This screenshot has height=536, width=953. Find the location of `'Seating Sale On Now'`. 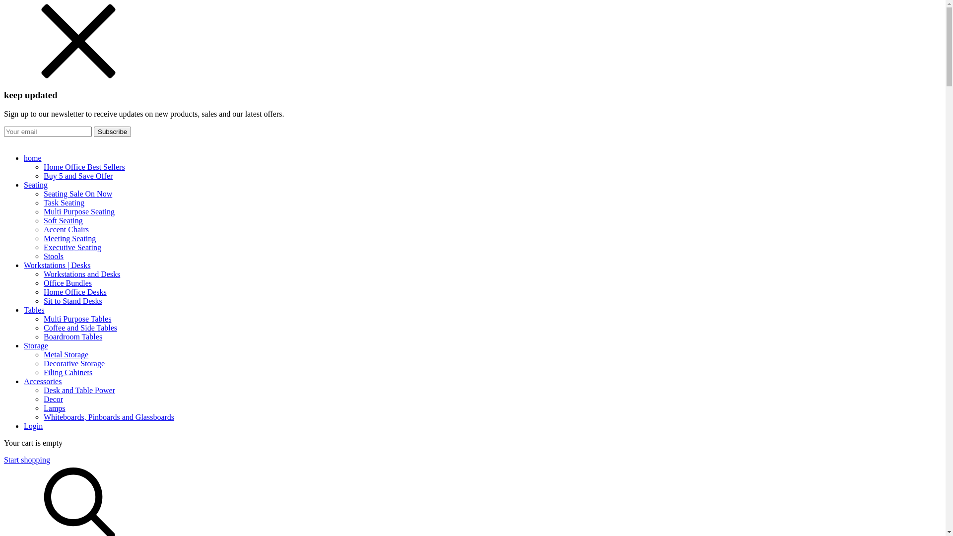

'Seating Sale On Now' is located at coordinates (77, 194).